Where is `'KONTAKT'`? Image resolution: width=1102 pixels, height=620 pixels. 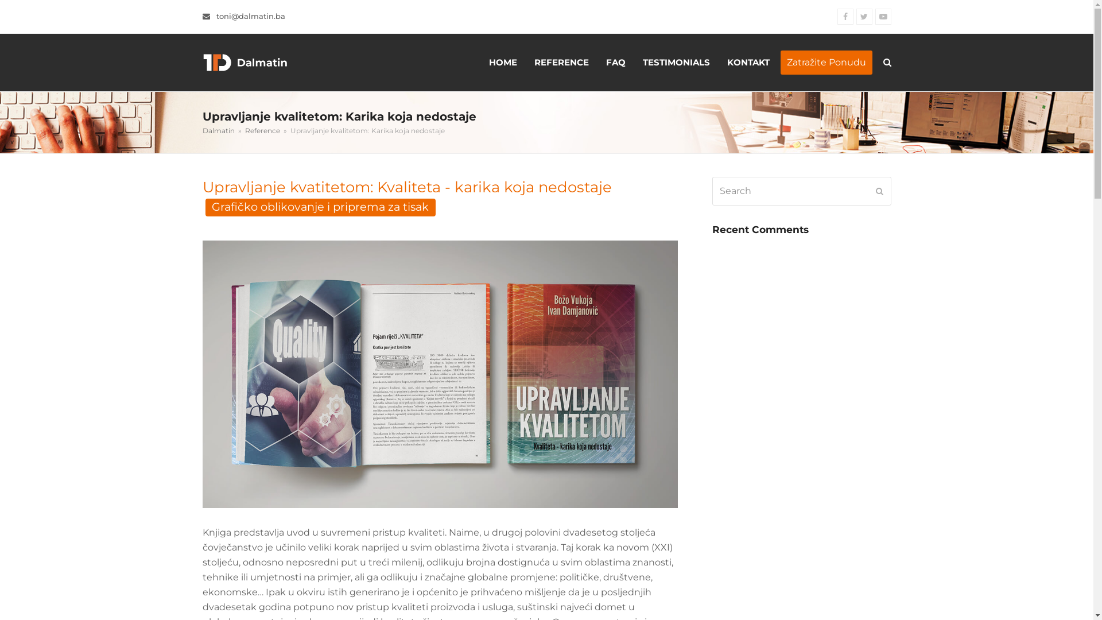 'KONTAKT' is located at coordinates (748, 62).